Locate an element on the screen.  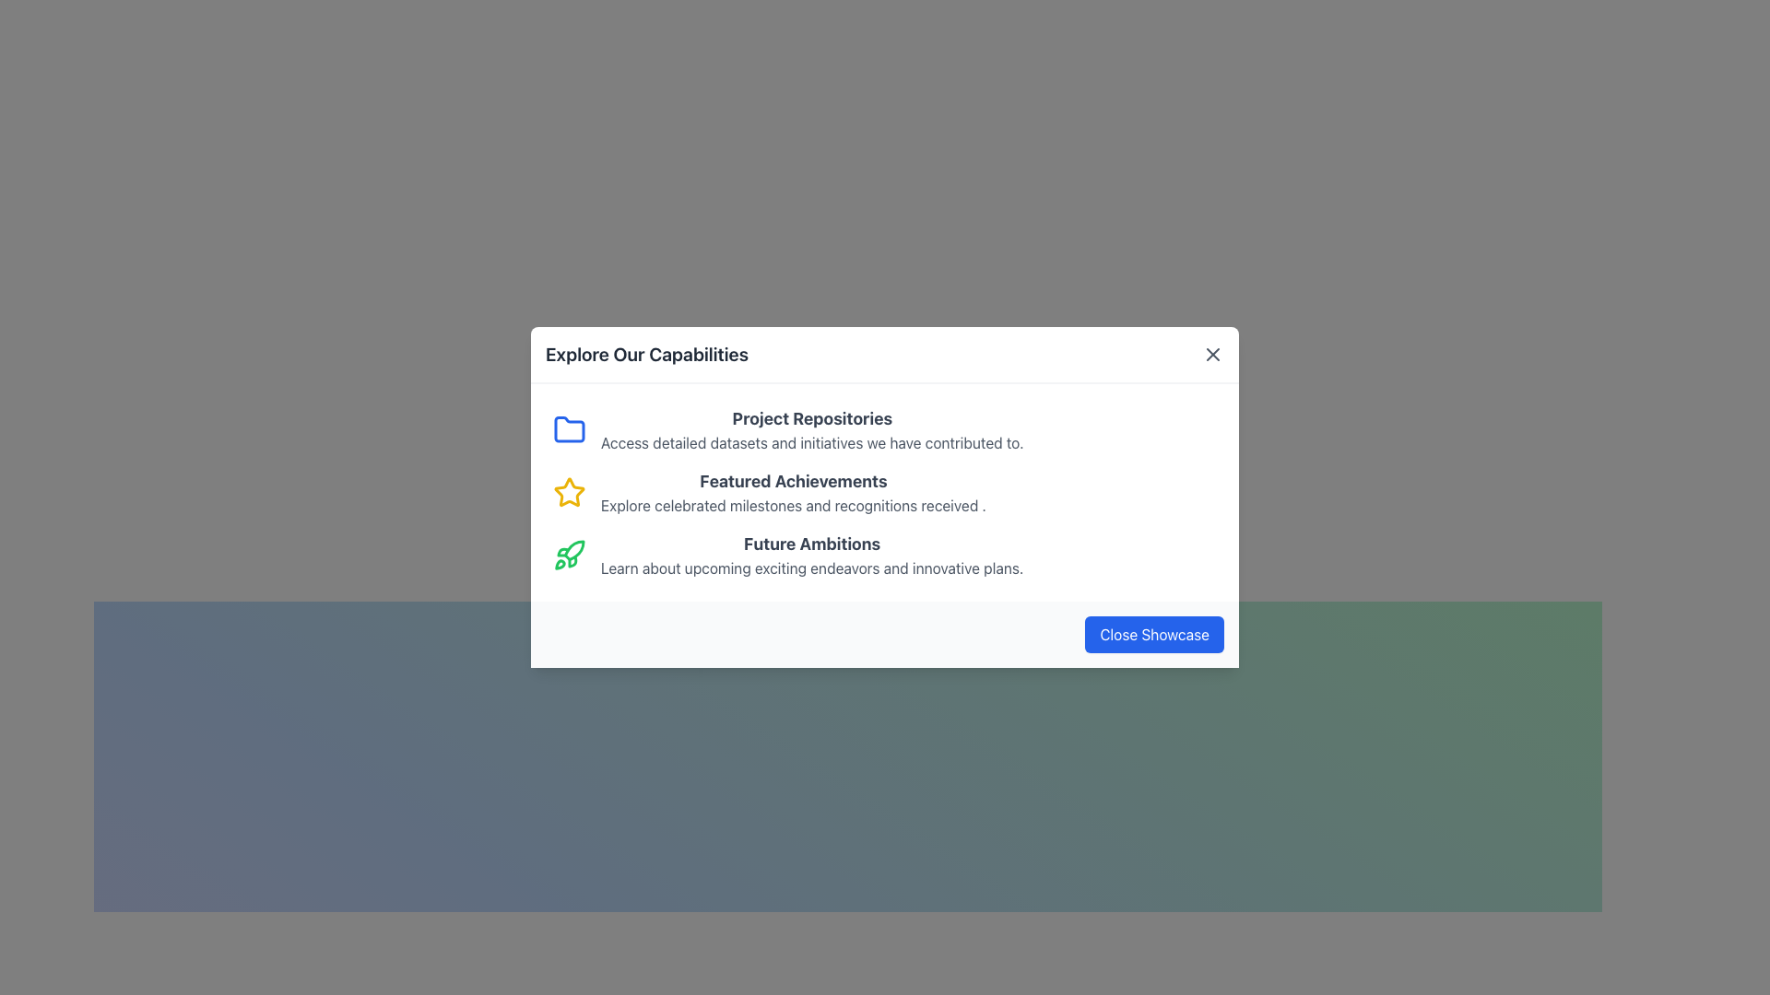
the Section Header with Description is located at coordinates (885, 554).